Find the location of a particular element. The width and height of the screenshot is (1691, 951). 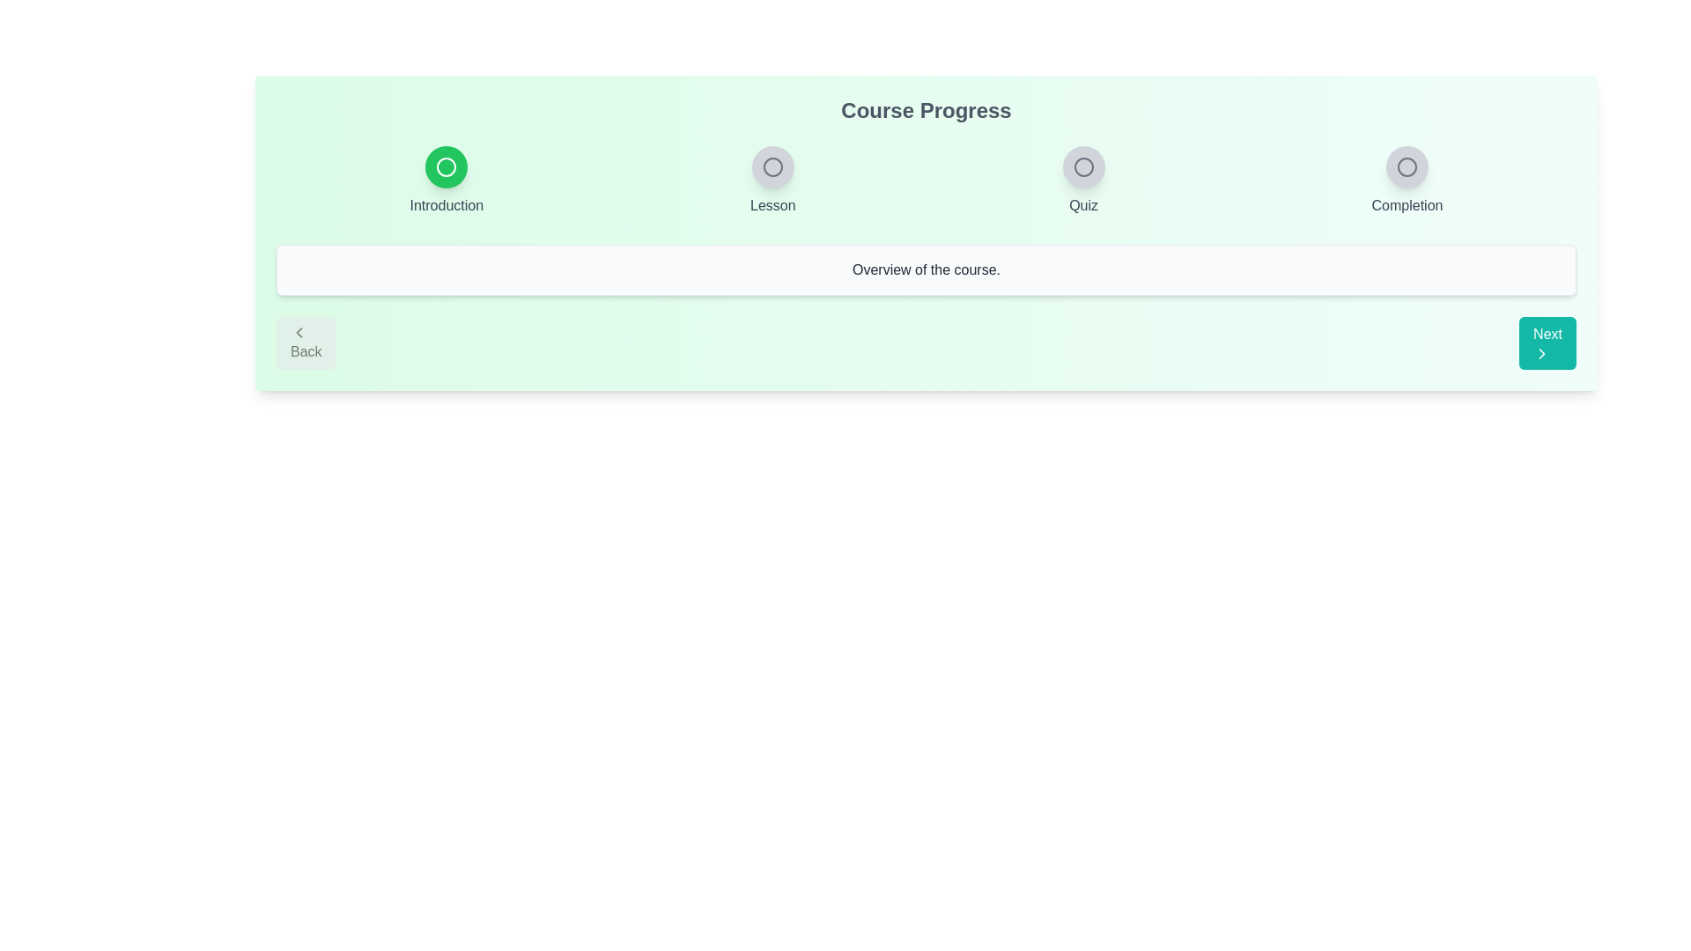

the step Introduction in the progress indicator is located at coordinates (447, 166).